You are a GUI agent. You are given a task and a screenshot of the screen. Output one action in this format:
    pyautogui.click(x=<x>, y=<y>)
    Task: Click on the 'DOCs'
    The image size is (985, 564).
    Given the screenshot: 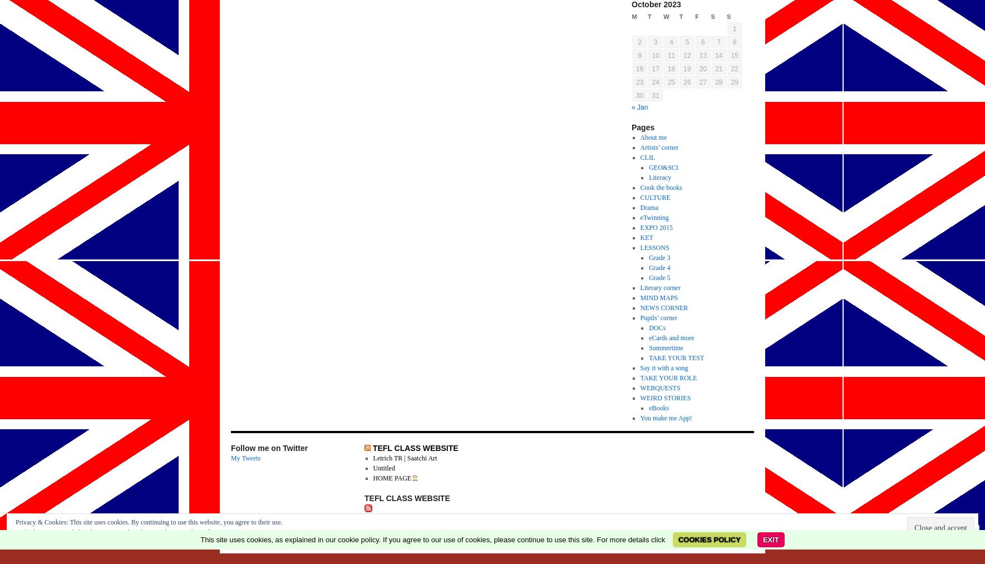 What is the action you would take?
    pyautogui.click(x=657, y=327)
    